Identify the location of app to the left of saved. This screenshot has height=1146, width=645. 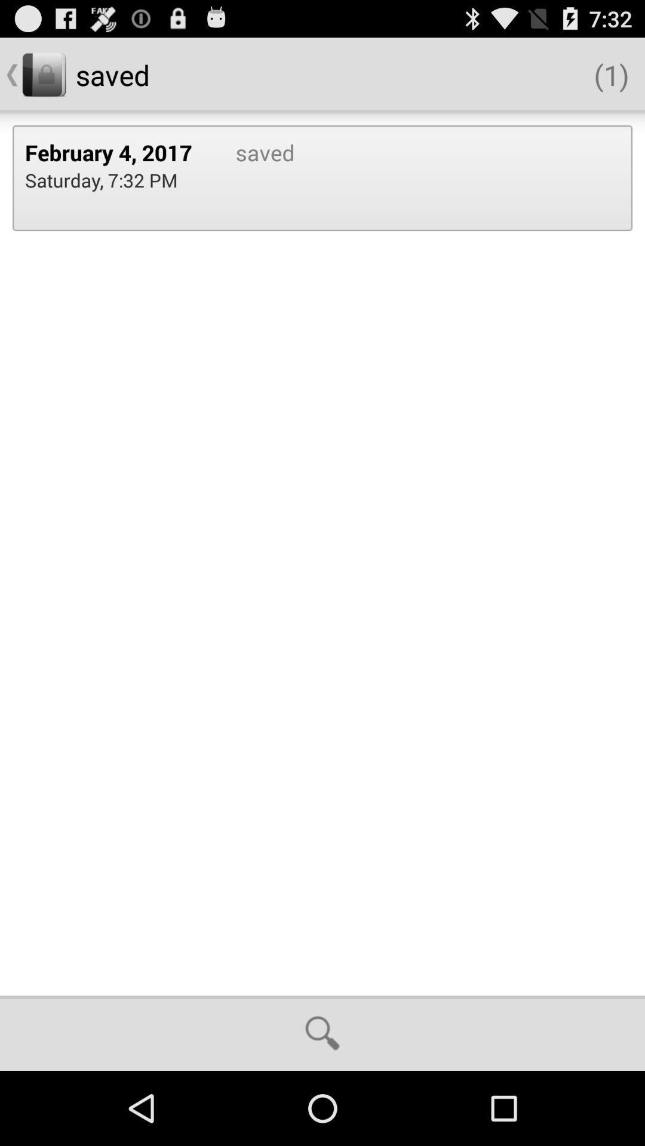
(100, 179).